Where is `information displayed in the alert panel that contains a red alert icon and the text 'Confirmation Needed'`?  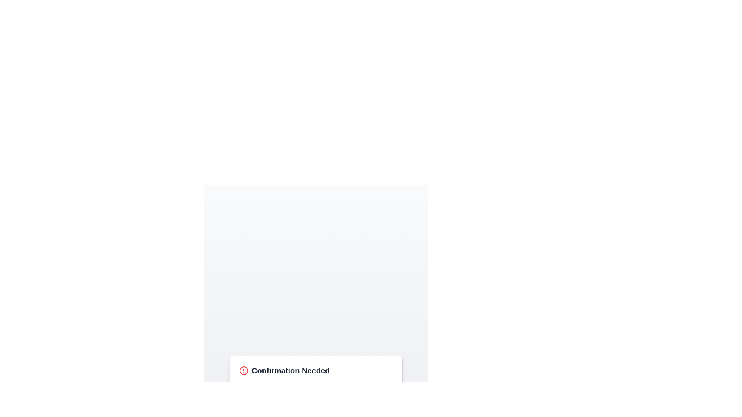 information displayed in the alert panel that contains a red alert icon and the text 'Confirmation Needed' is located at coordinates (316, 370).